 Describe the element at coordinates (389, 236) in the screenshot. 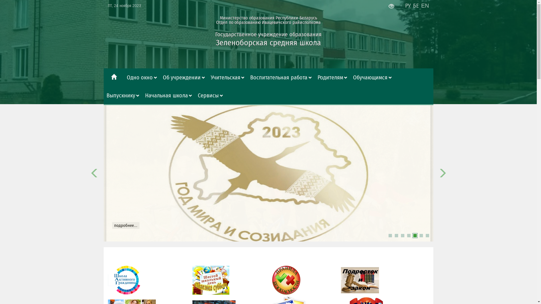

I see `'1'` at that location.